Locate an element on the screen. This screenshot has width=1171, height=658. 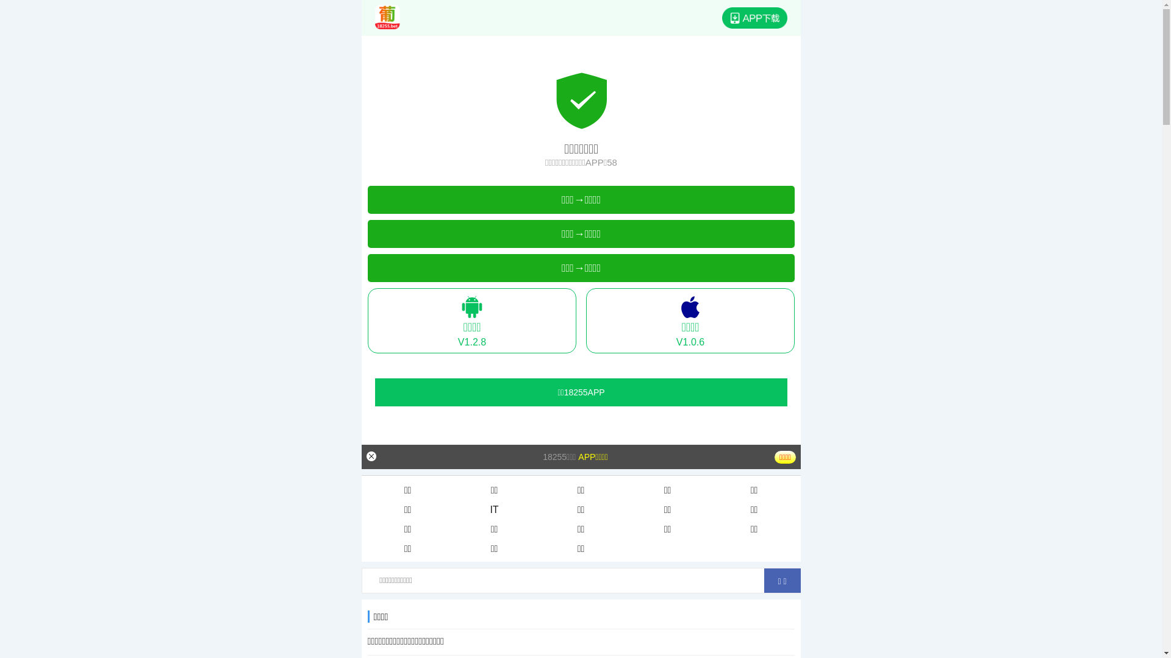
'IT' is located at coordinates (450, 510).